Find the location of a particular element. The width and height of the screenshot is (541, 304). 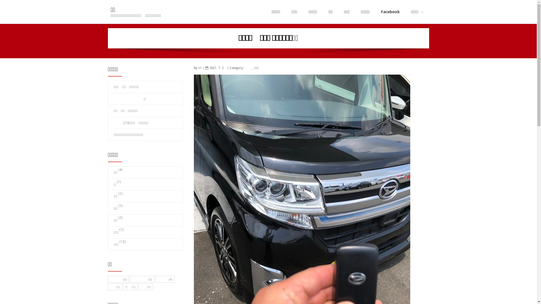

'Facebook' is located at coordinates (390, 12).